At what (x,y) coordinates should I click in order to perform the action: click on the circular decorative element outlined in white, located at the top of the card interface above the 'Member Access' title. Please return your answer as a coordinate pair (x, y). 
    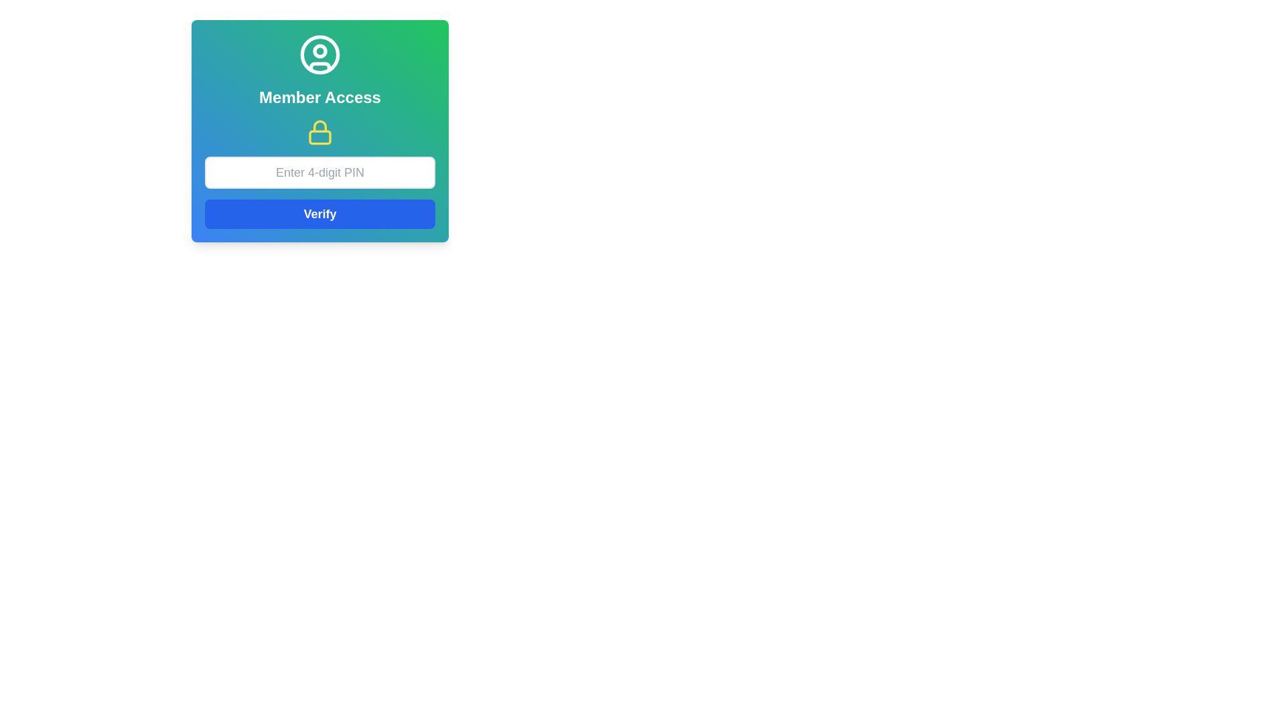
    Looking at the image, I should click on (319, 54).